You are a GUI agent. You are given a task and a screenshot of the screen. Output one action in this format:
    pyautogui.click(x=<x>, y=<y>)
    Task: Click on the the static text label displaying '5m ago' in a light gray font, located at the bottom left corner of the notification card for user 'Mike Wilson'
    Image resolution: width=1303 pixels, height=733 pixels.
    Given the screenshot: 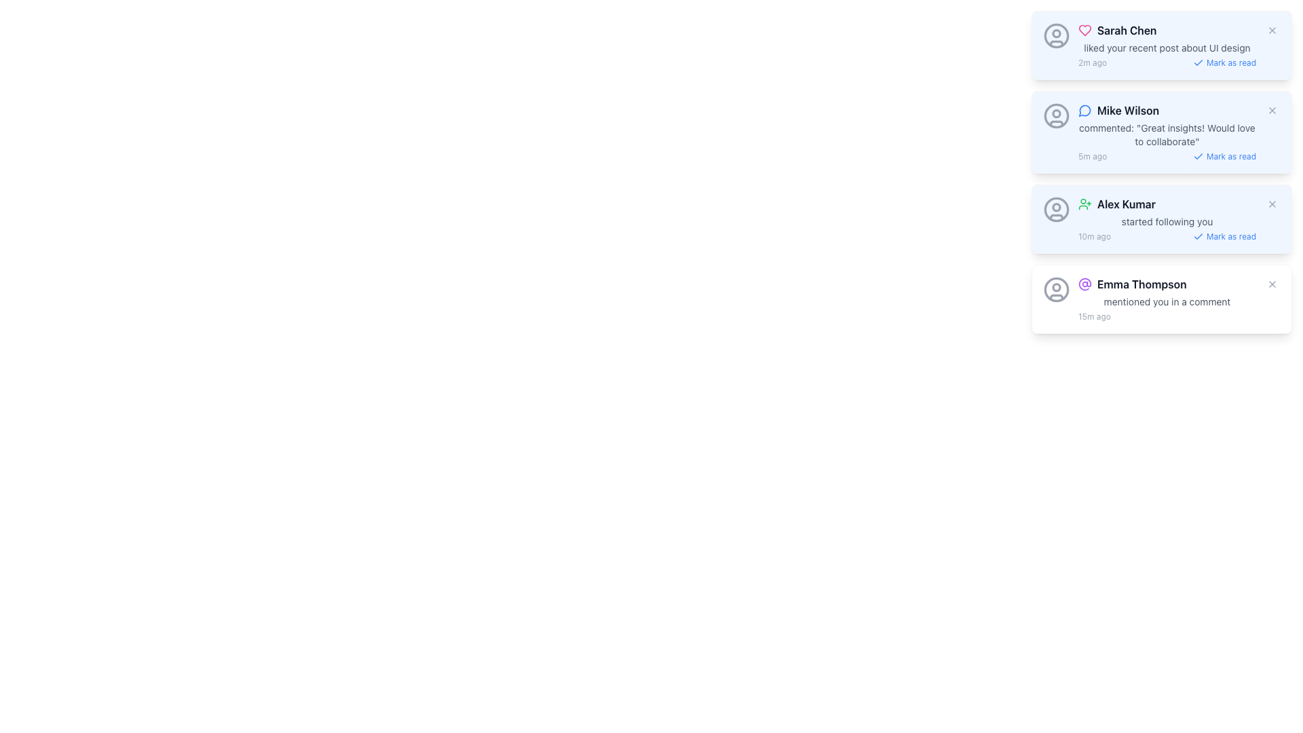 What is the action you would take?
    pyautogui.click(x=1093, y=156)
    